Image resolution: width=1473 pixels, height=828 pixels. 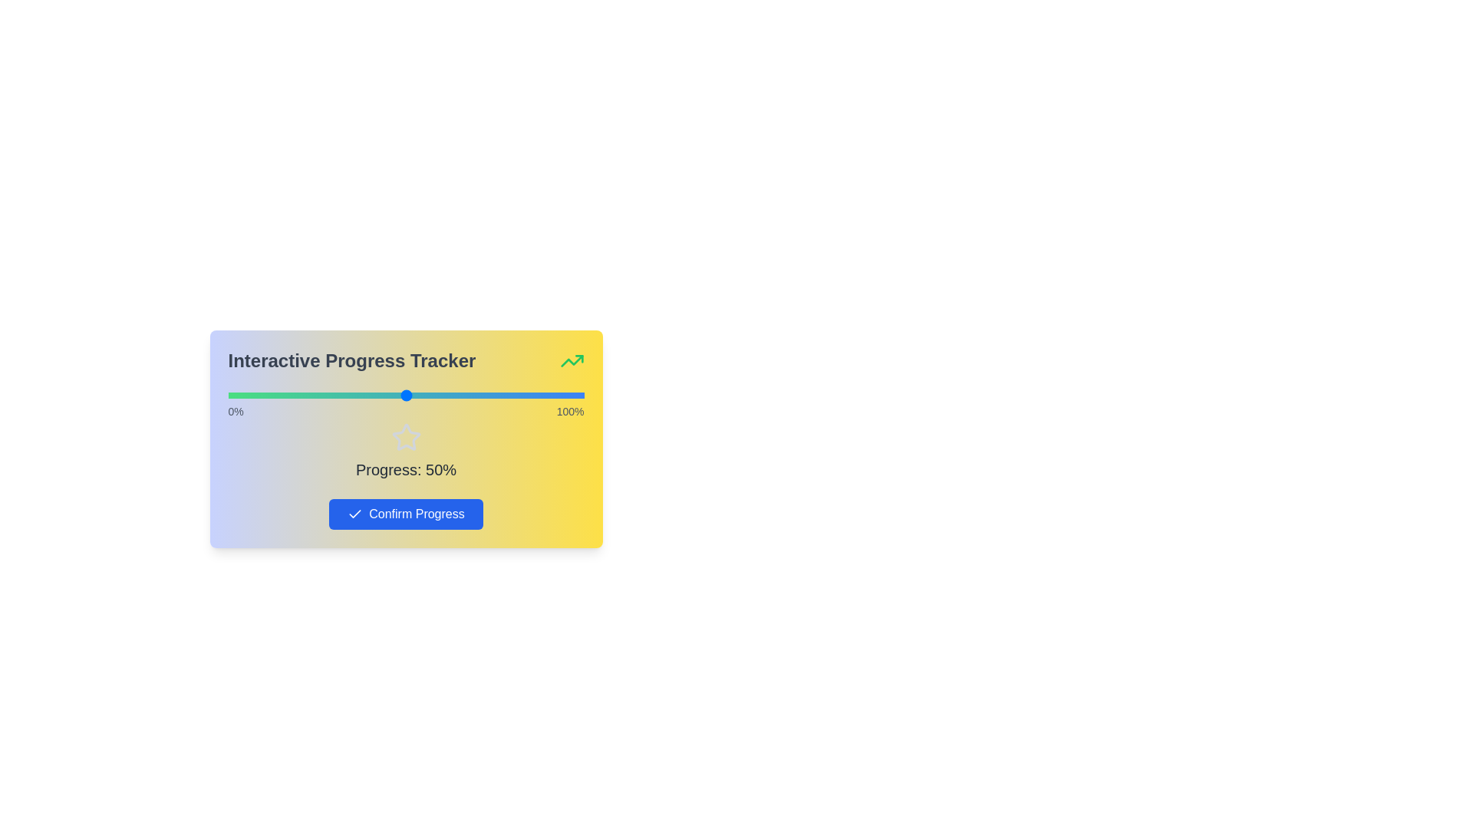 I want to click on the slider to set the progress percentage to 59, so click(x=437, y=395).